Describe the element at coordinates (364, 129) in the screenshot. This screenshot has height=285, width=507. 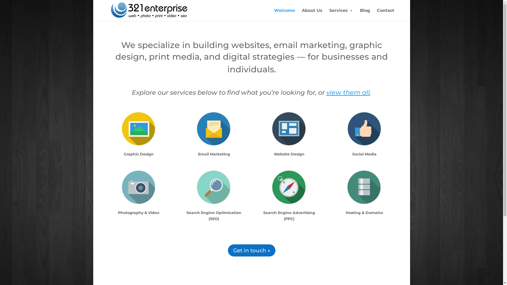
I see `'social-tout'` at that location.